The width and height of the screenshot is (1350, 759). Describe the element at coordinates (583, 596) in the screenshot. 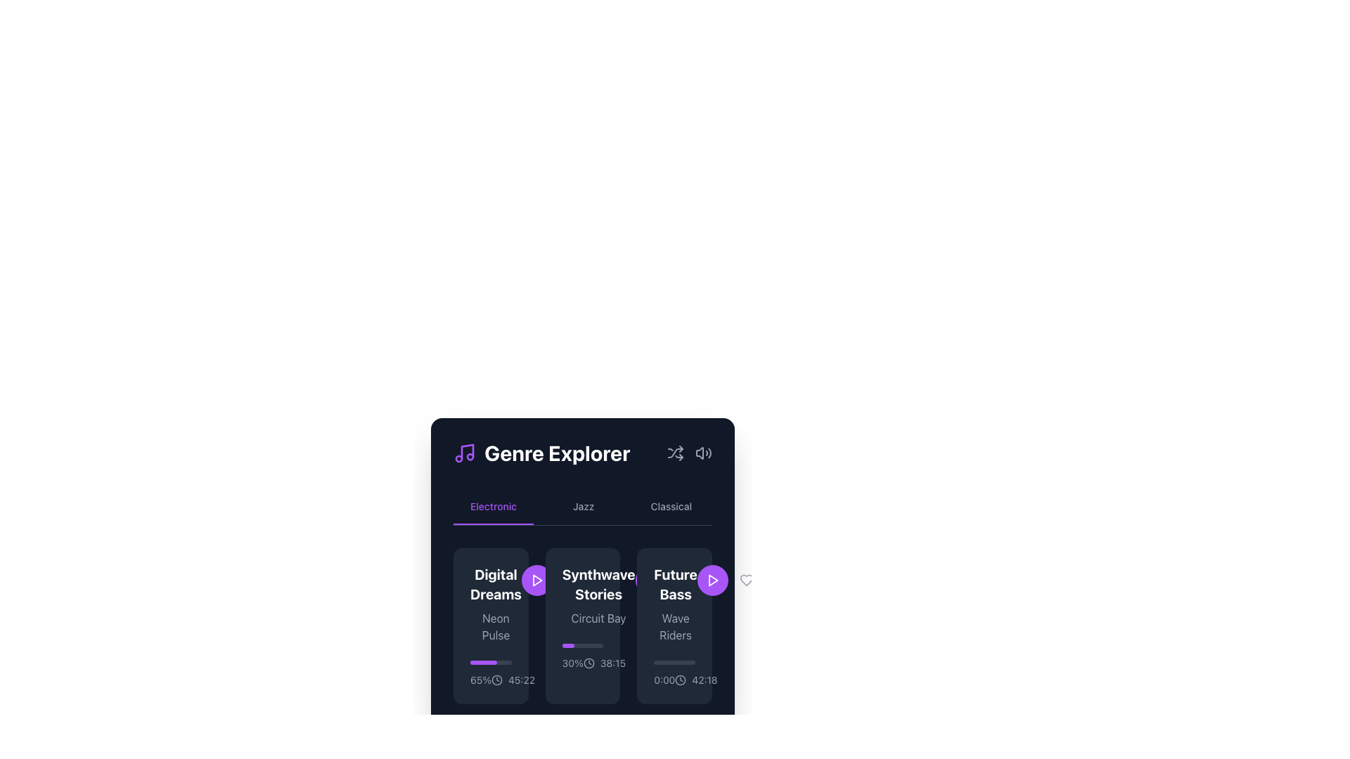

I see `the text label that serves as the title and subtitle for the second card under the 'Electronic' tab in the 'Genre Explorer' section to potentially reveal interactive effects` at that location.